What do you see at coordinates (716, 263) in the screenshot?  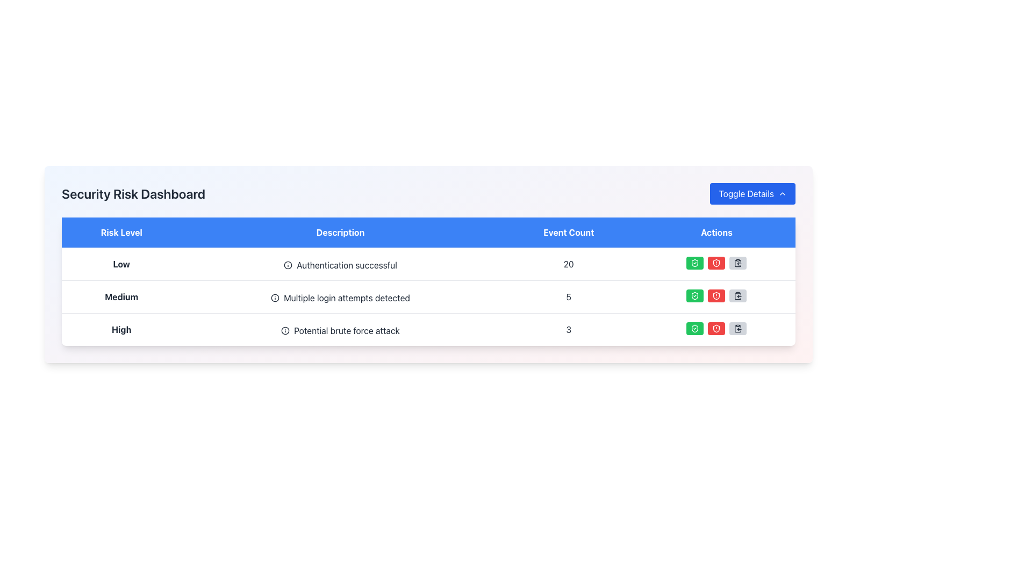 I see `the small, rounded rectangular button with a red background and white text indicating a security alert action, located in the rightmost section of the 'Actions' column in the last row of the table labeled 'High' in the 'Risk Level' column` at bounding box center [716, 263].